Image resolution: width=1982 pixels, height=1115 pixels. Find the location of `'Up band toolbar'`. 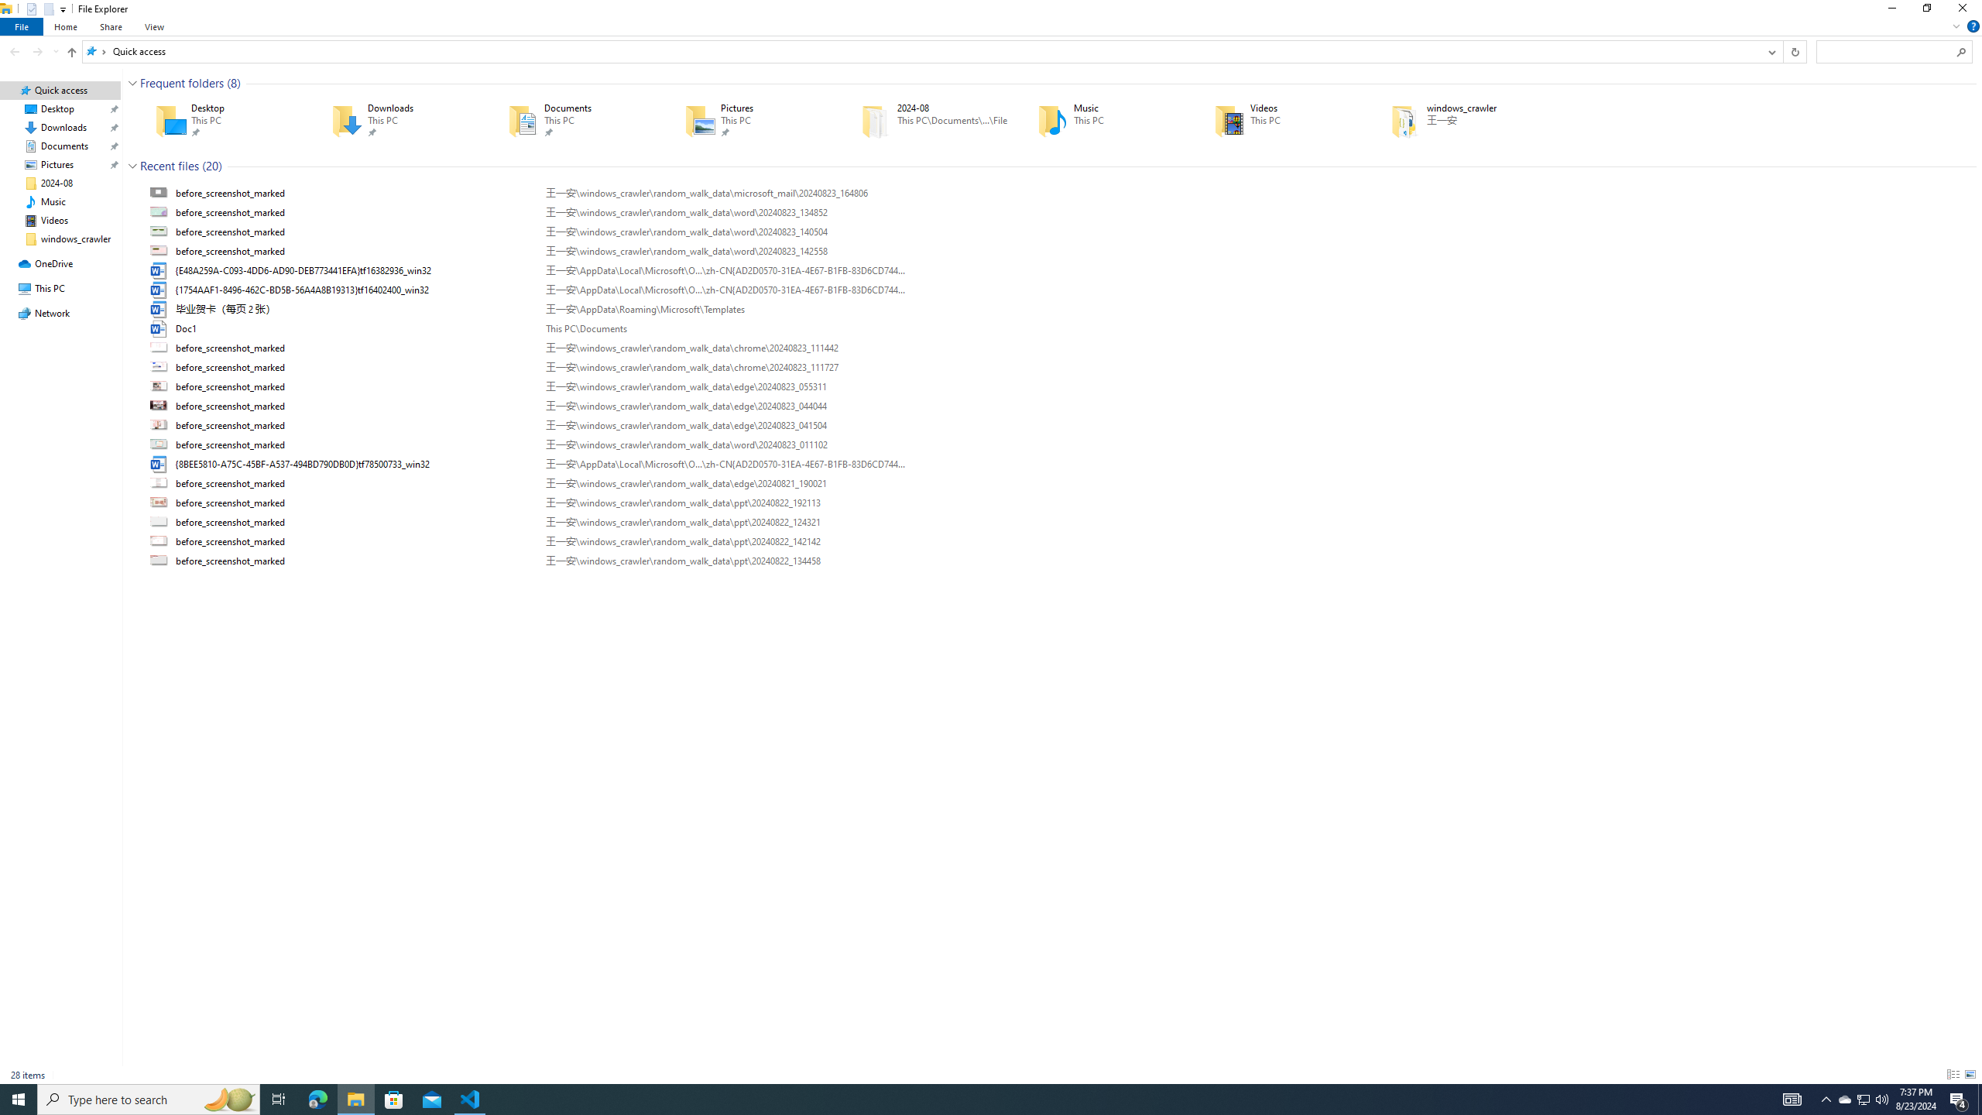

'Up band toolbar' is located at coordinates (72, 53).